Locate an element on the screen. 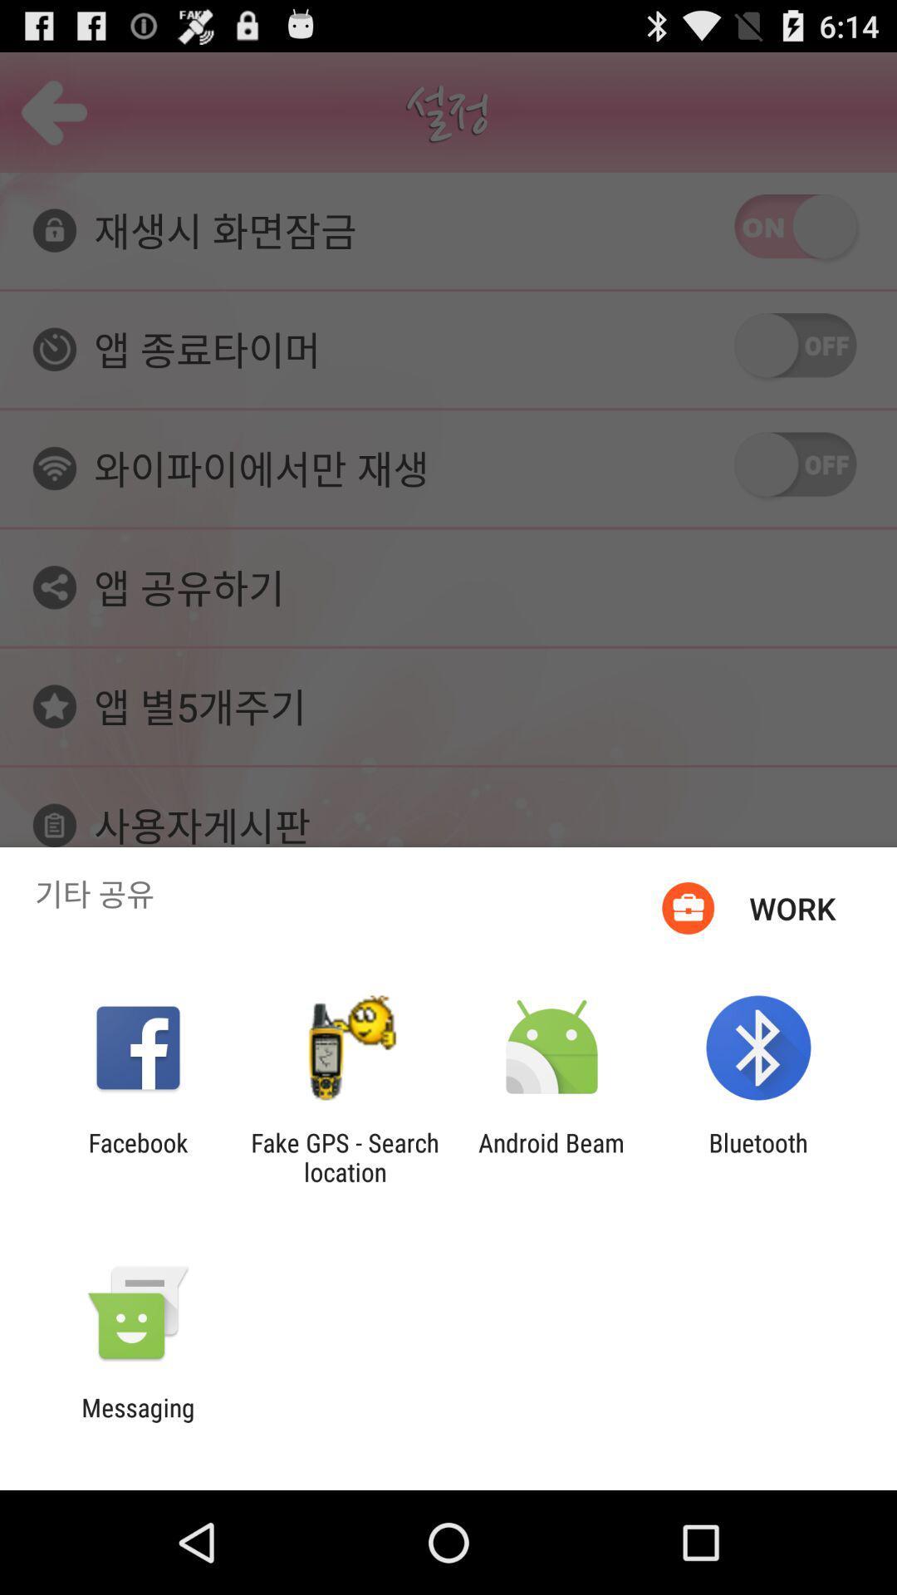 This screenshot has width=897, height=1595. item to the left of fake gps search is located at coordinates (137, 1156).